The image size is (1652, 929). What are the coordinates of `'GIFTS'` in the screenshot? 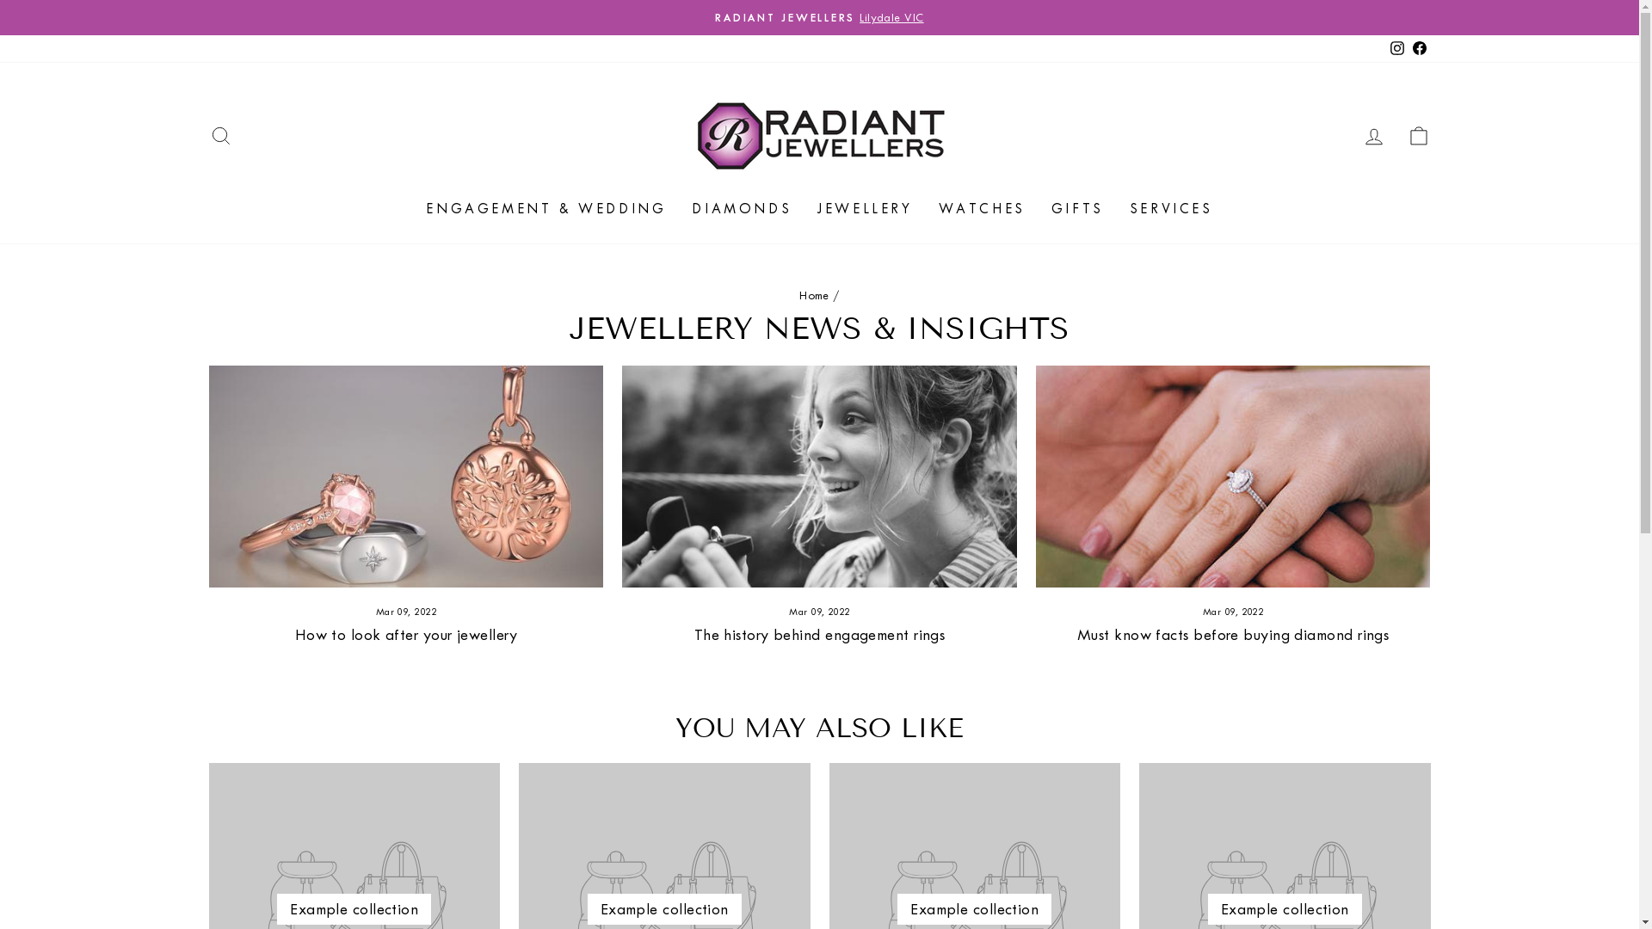 It's located at (1076, 207).